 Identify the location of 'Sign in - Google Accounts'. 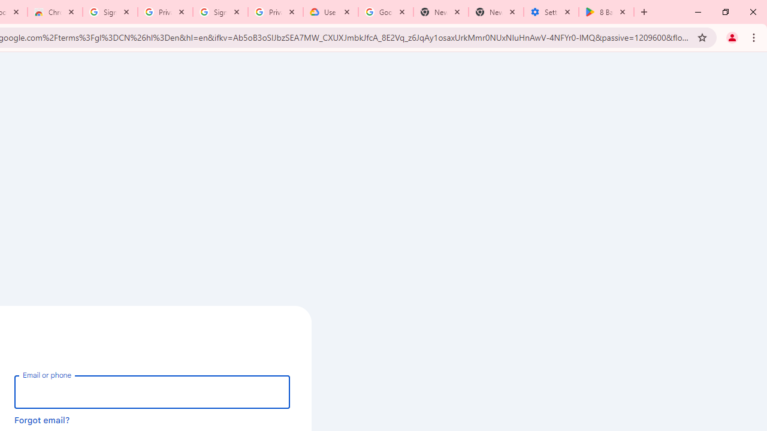
(221, 12).